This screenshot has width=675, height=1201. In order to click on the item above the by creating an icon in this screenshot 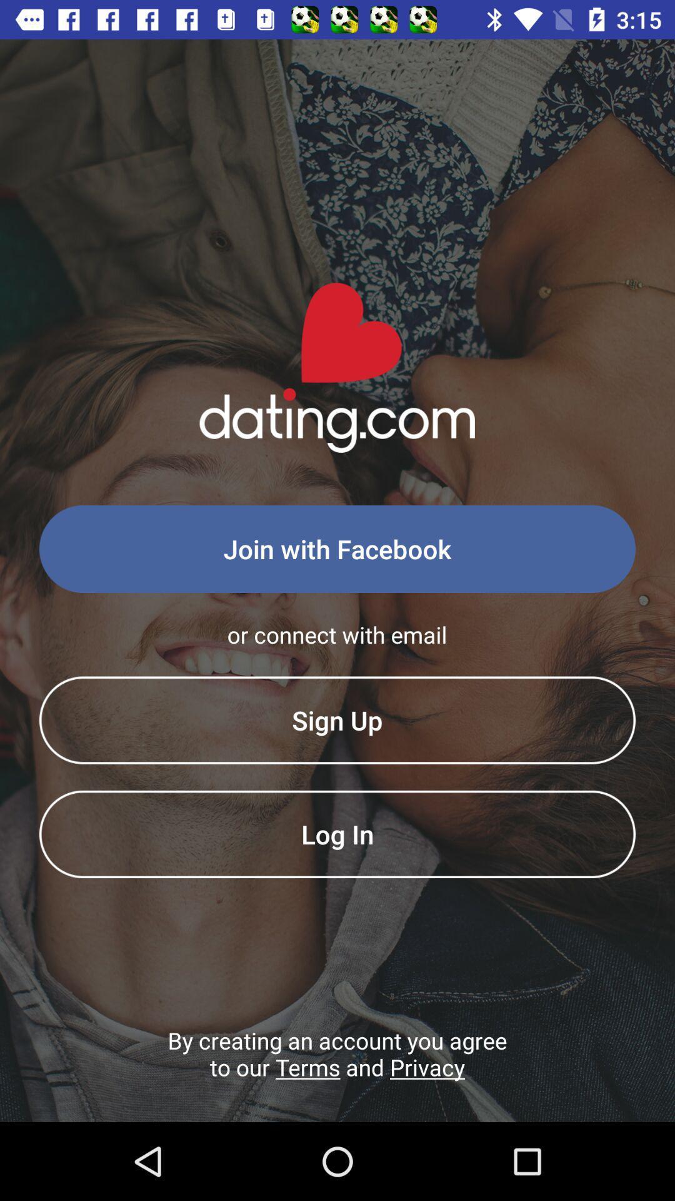, I will do `click(337, 834)`.